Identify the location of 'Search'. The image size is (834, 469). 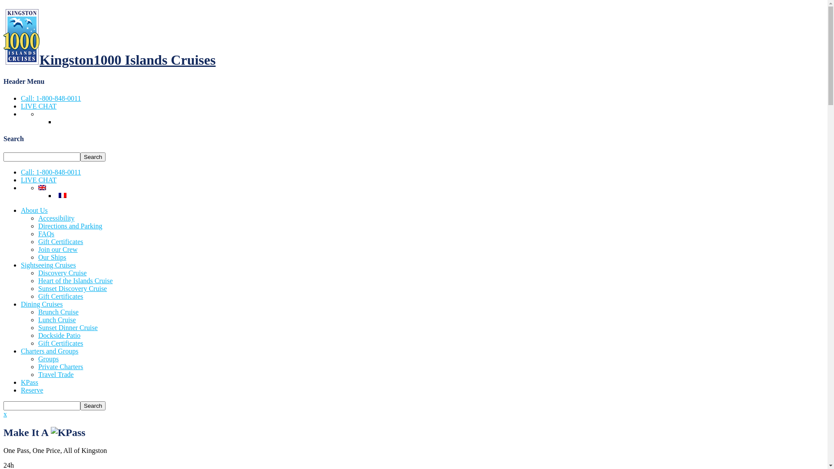
(93, 406).